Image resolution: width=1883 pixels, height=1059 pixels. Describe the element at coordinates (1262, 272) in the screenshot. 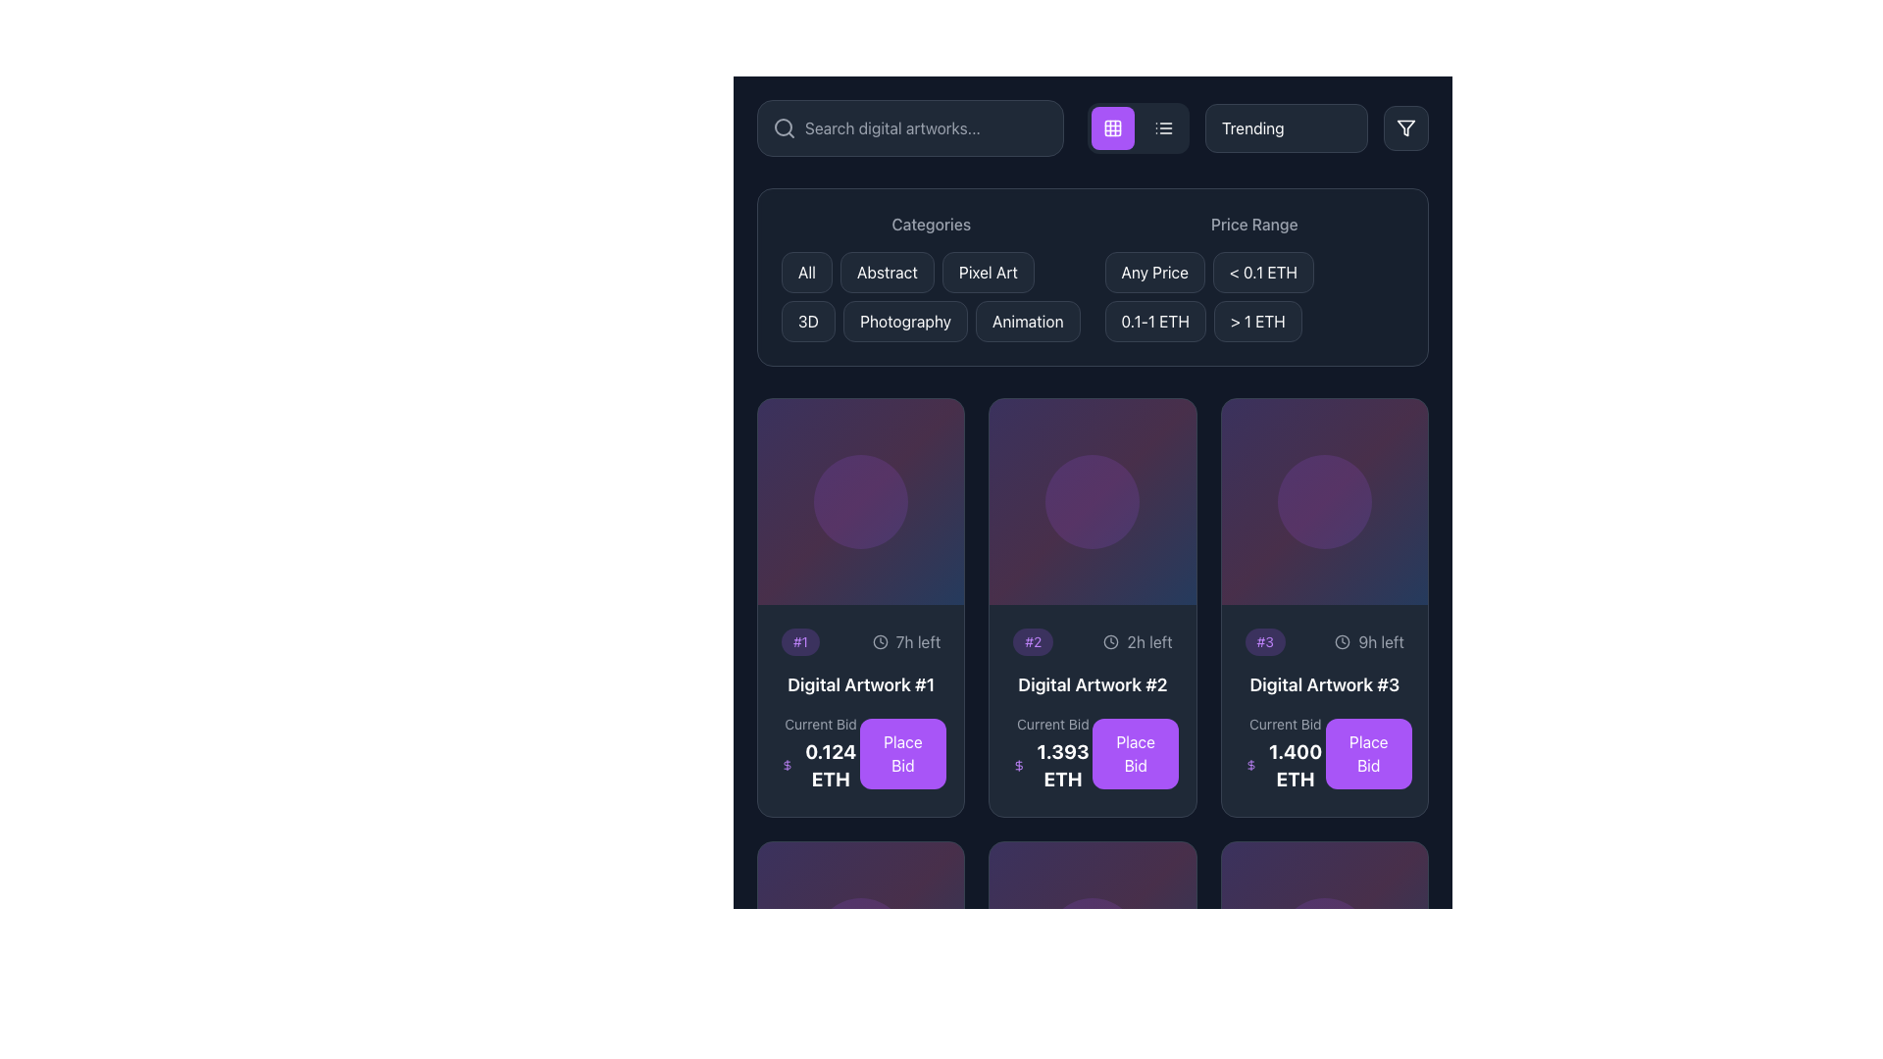

I see `the second button in the 'Price Range' section to apply the filter for items priced below 0.1 ETH` at that location.